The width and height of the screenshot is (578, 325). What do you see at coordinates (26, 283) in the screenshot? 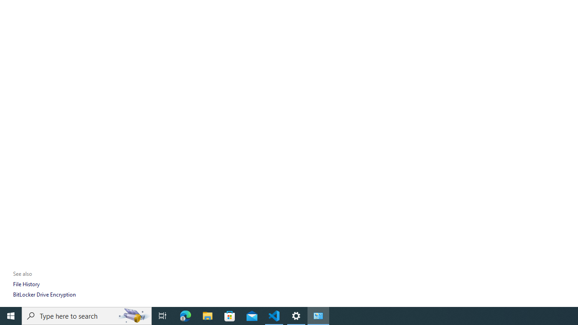
I see `'File History'` at bounding box center [26, 283].